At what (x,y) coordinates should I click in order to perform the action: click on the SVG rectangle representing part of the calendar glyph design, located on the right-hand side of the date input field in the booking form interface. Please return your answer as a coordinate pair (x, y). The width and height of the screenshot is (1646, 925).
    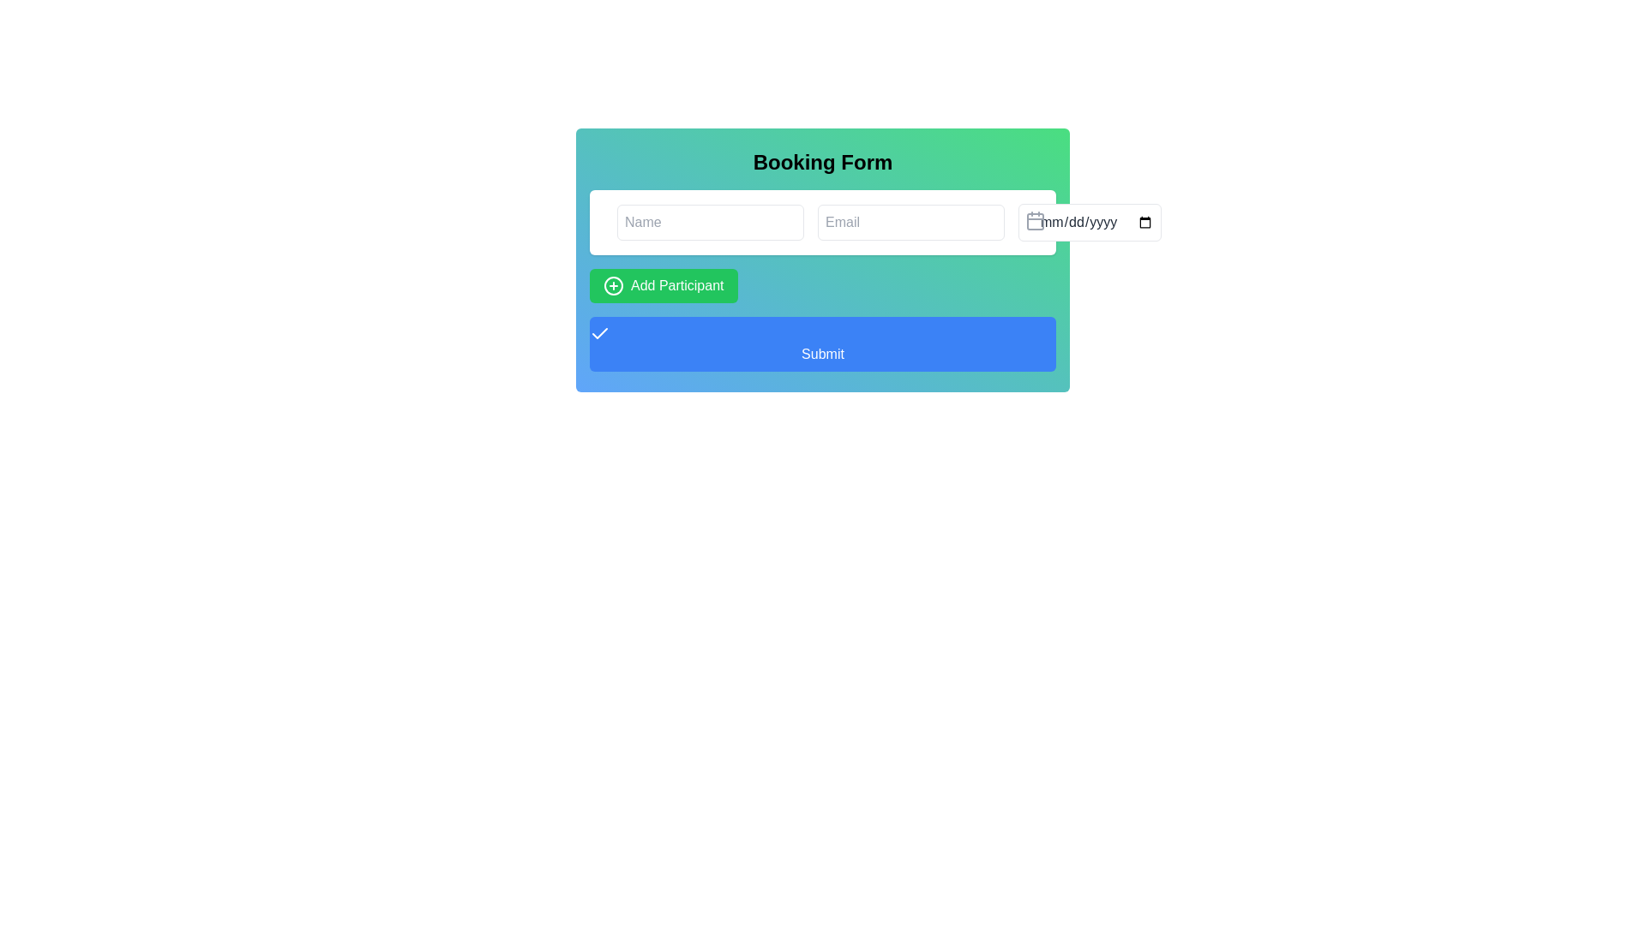
    Looking at the image, I should click on (1035, 220).